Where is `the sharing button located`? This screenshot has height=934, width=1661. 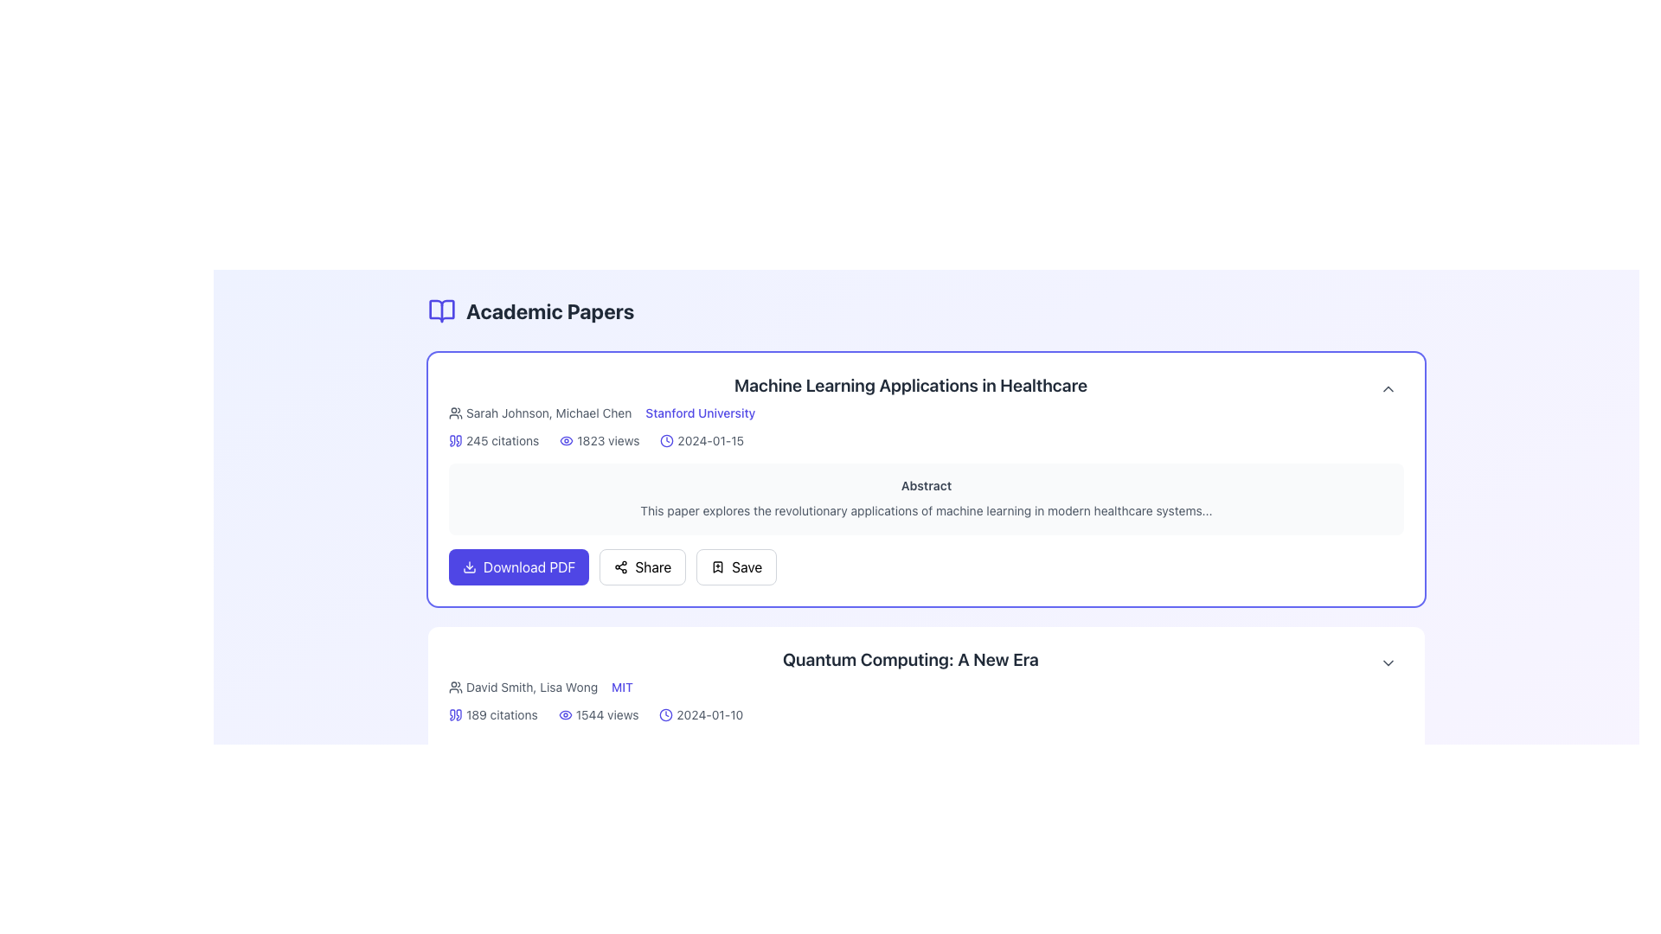
the sharing button located is located at coordinates (642, 566).